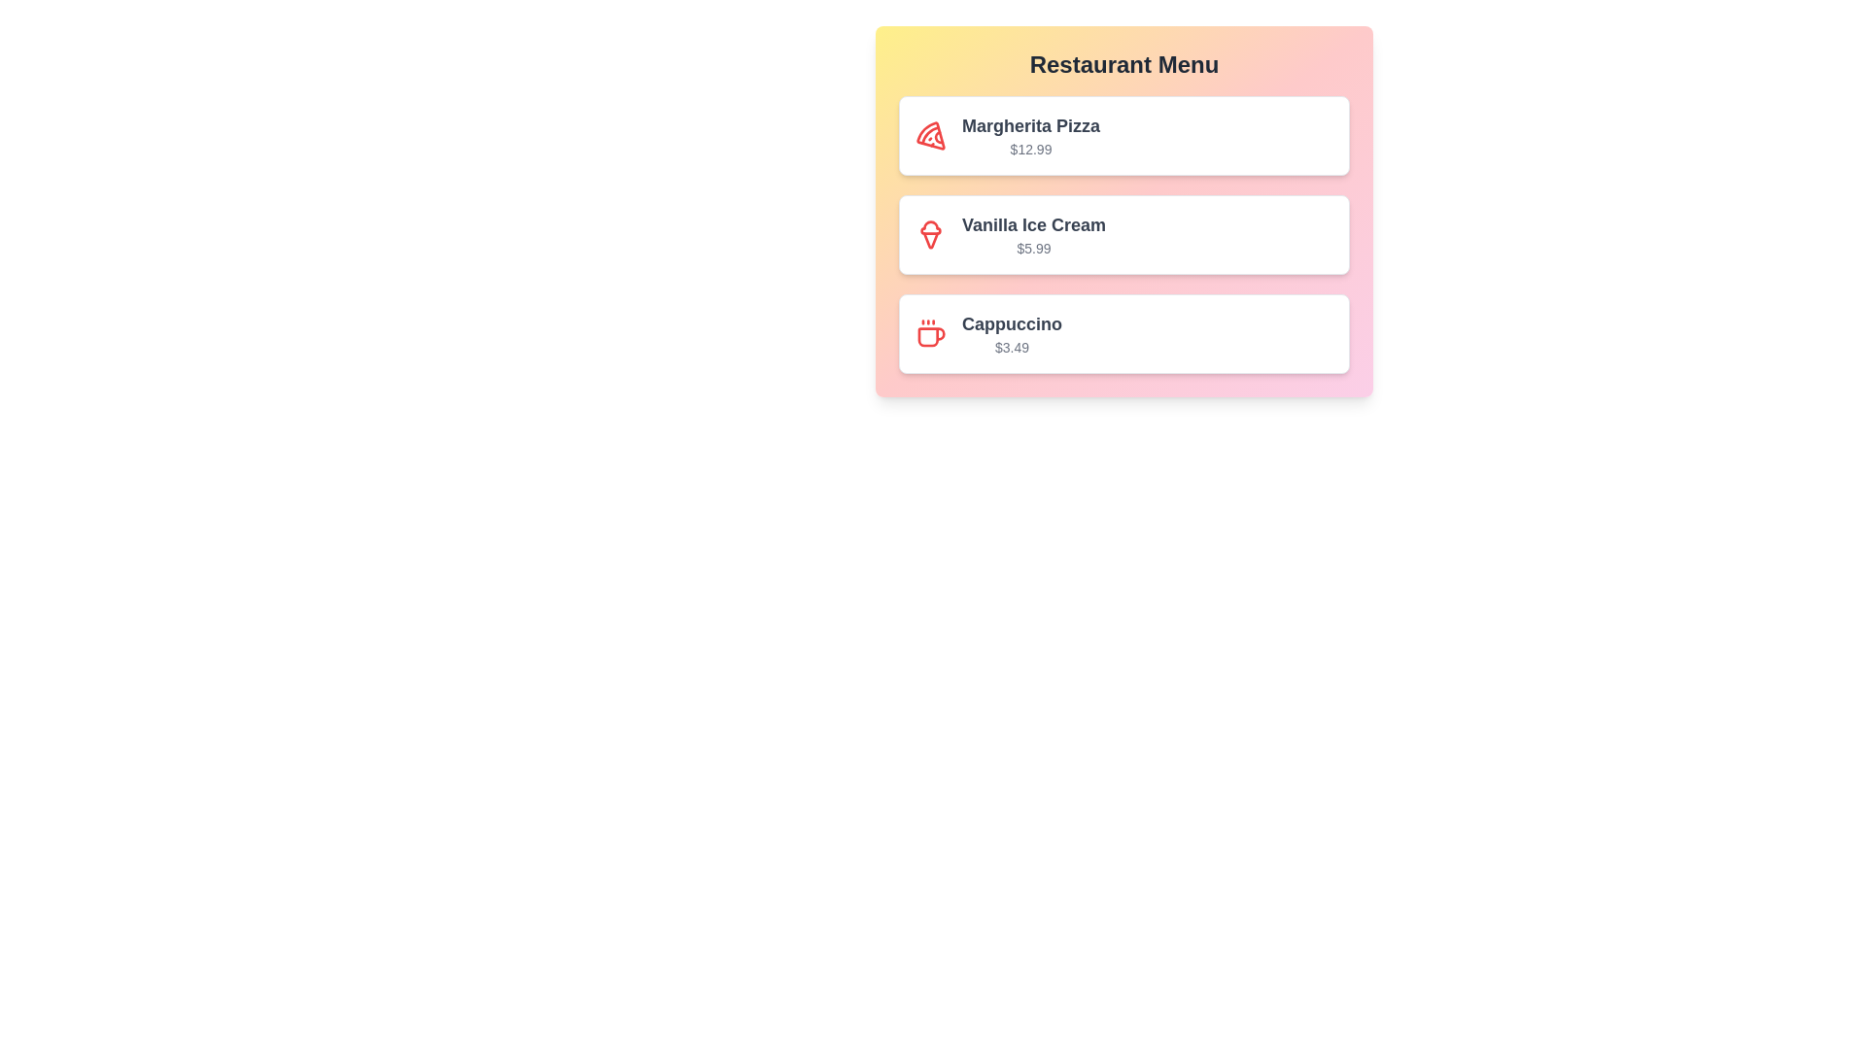  Describe the element at coordinates (1123, 332) in the screenshot. I see `the menu item corresponding to Cappuccino` at that location.